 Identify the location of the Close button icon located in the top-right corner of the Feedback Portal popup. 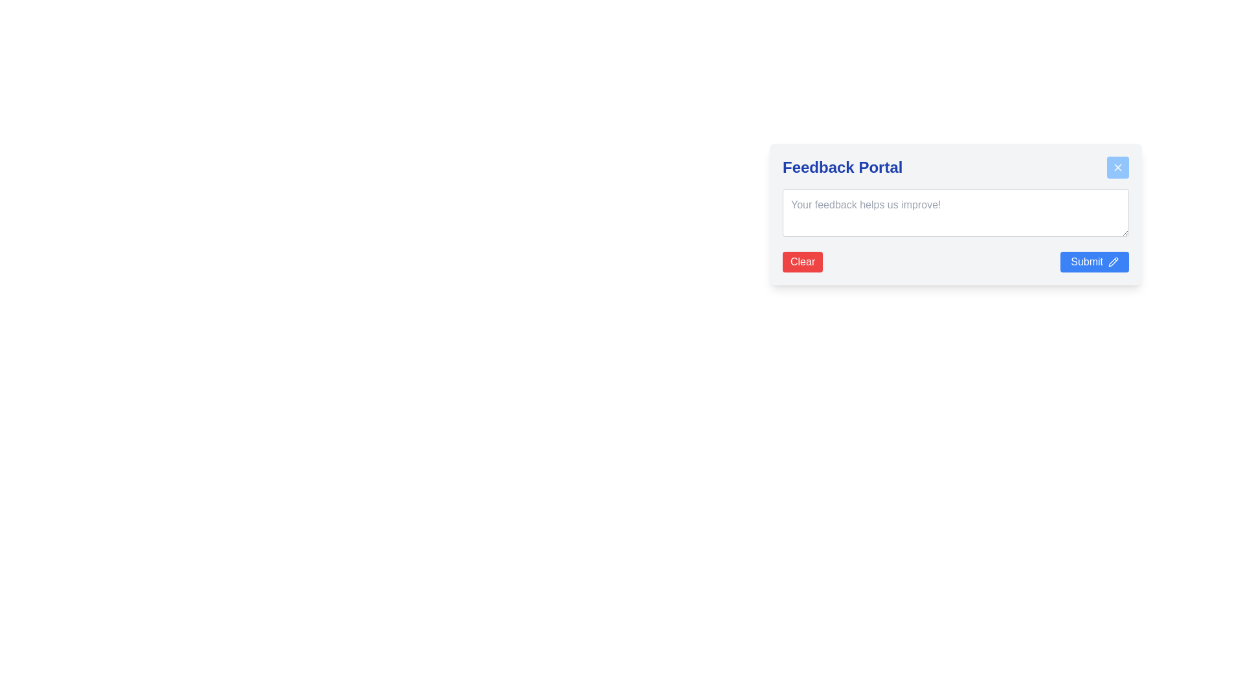
(1117, 166).